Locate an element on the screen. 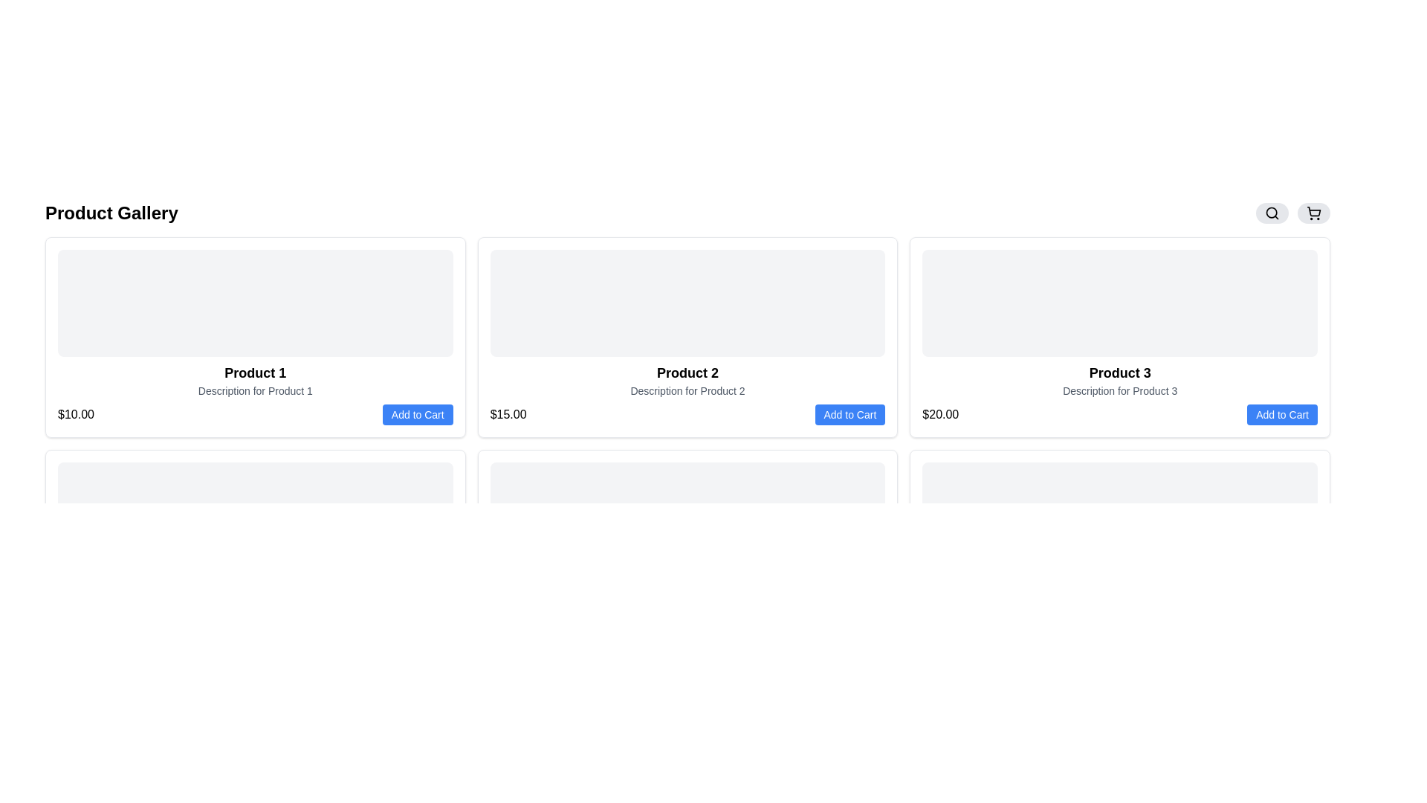  text content displayed as '$20.00', which is located below the 'Product 3' title and aligned to the left side of the 'Add to Cart' button is located at coordinates (939, 415).